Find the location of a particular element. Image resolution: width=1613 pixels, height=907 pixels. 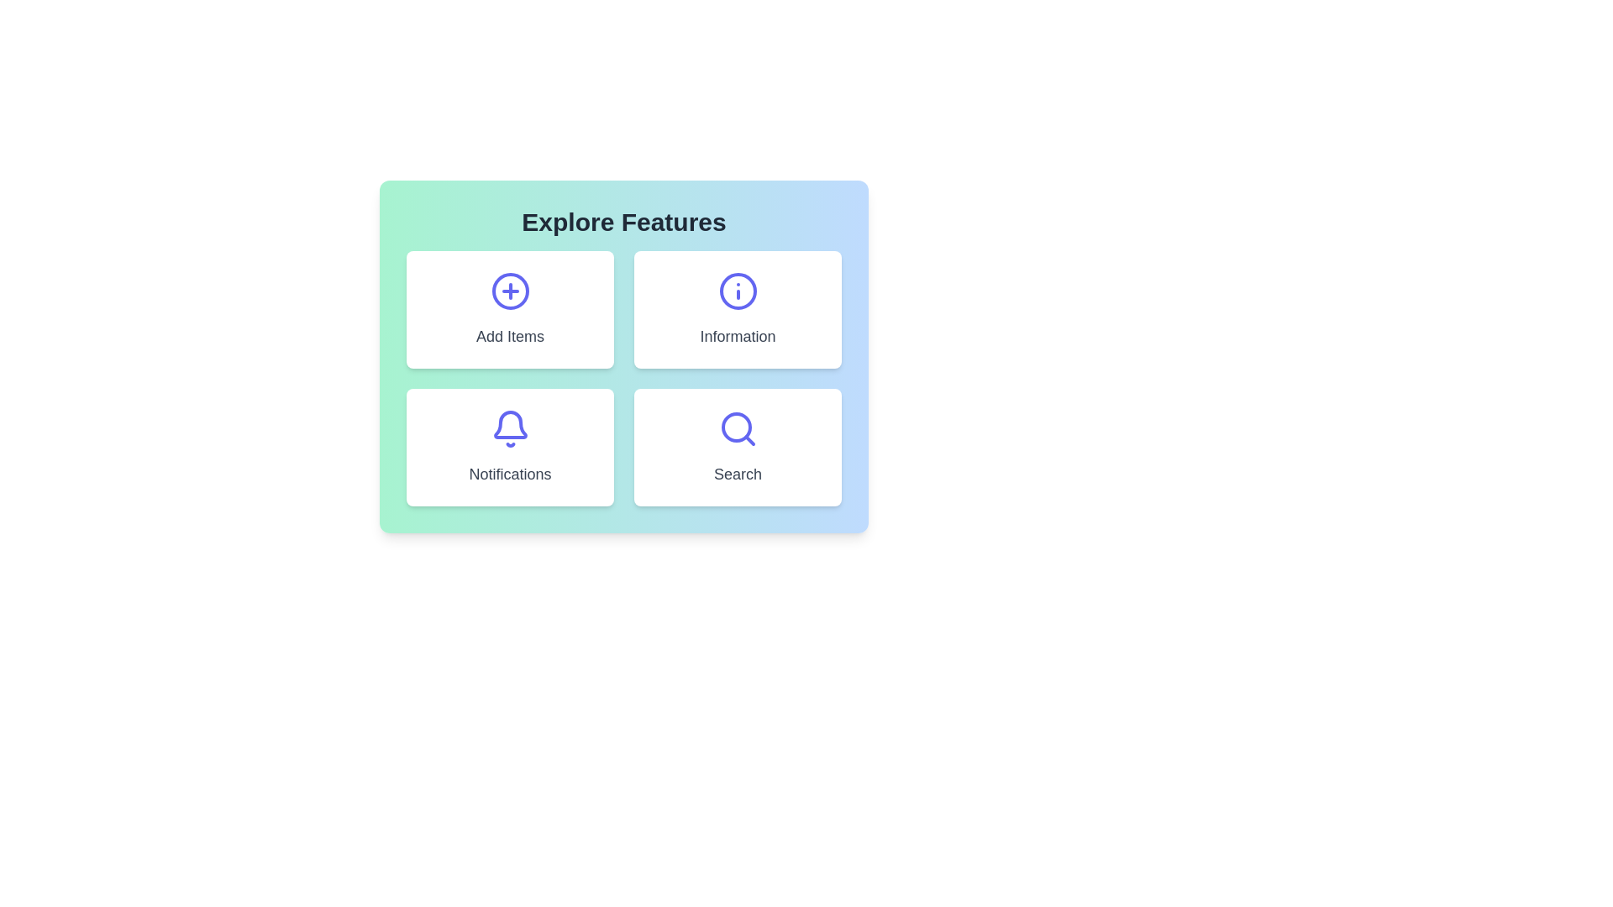

the navigational card in the top-right corner of the grid layout is located at coordinates (738, 310).